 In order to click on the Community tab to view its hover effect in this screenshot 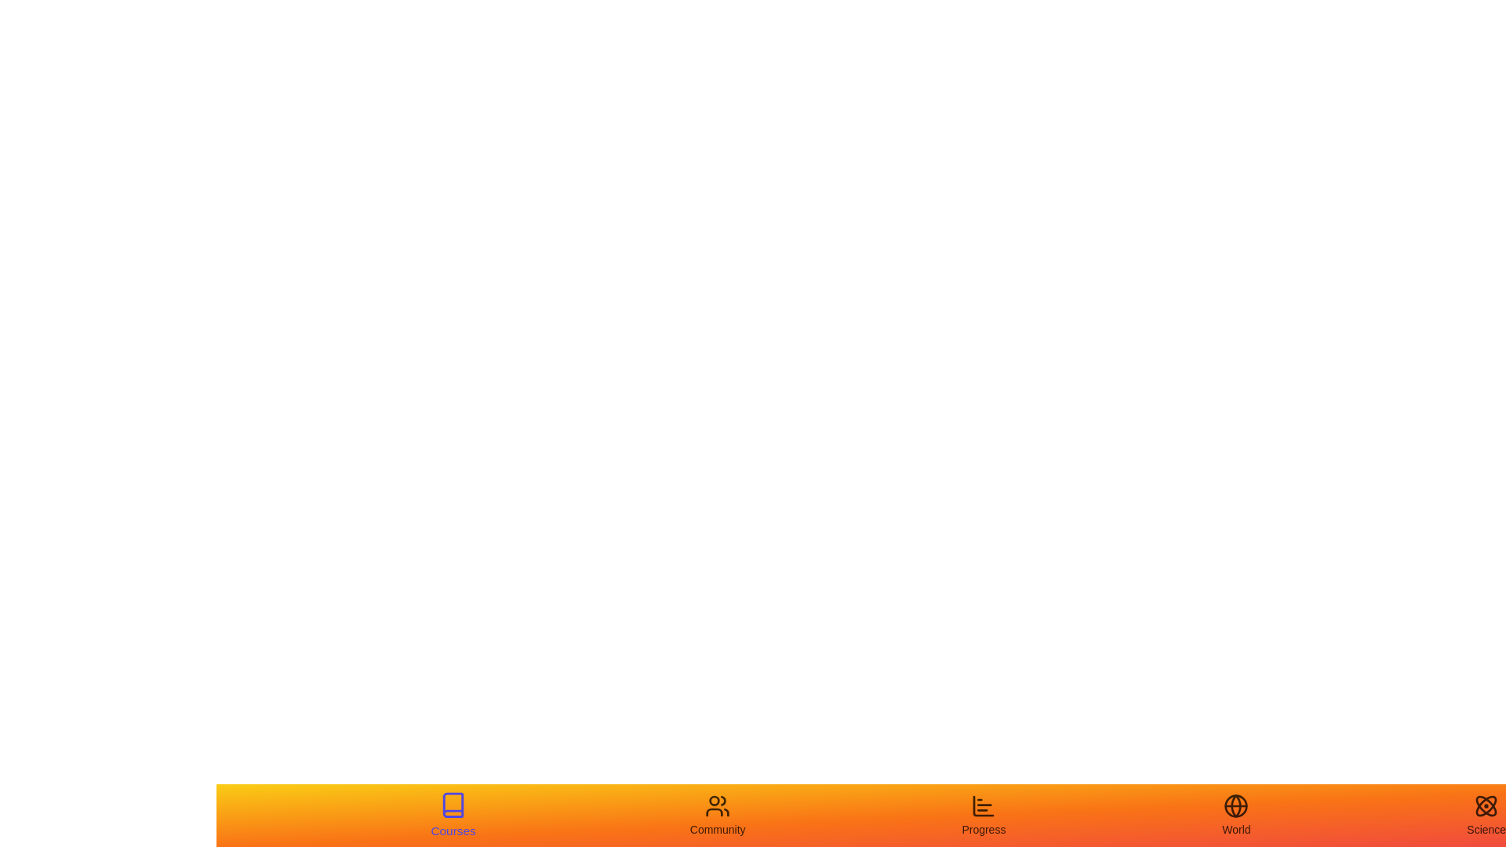, I will do `click(717, 815)`.